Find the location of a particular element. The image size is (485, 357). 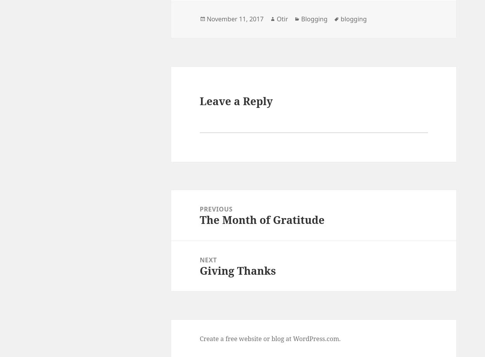

'Otir' is located at coordinates (276, 19).